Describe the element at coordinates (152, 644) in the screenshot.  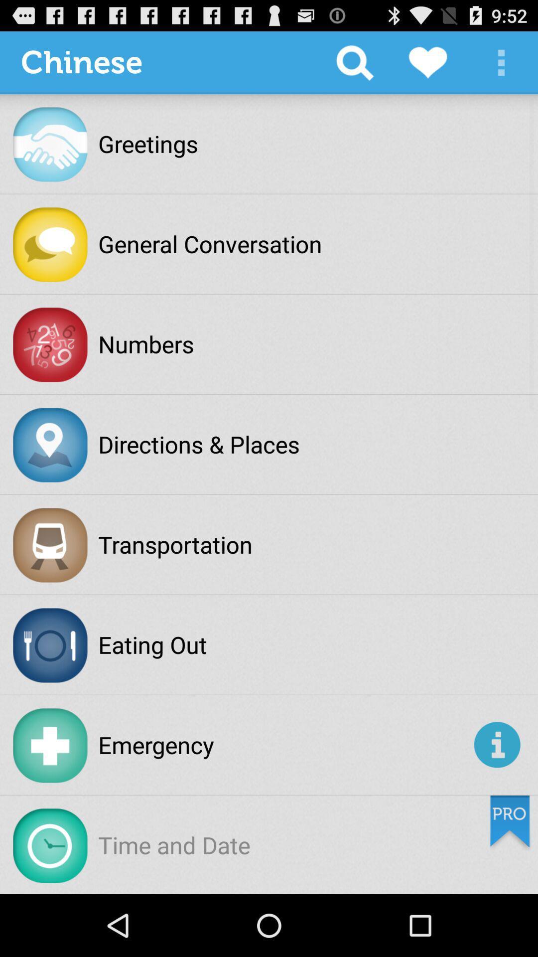
I see `the eating out app` at that location.